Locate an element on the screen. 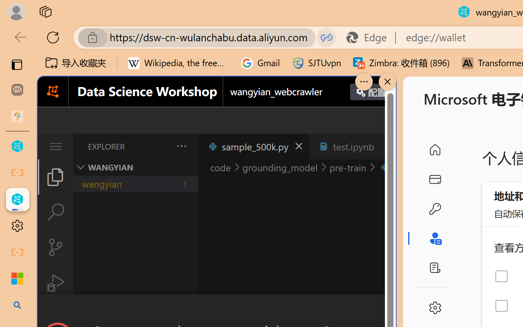  'sample_500k.py' is located at coordinates (253, 146).